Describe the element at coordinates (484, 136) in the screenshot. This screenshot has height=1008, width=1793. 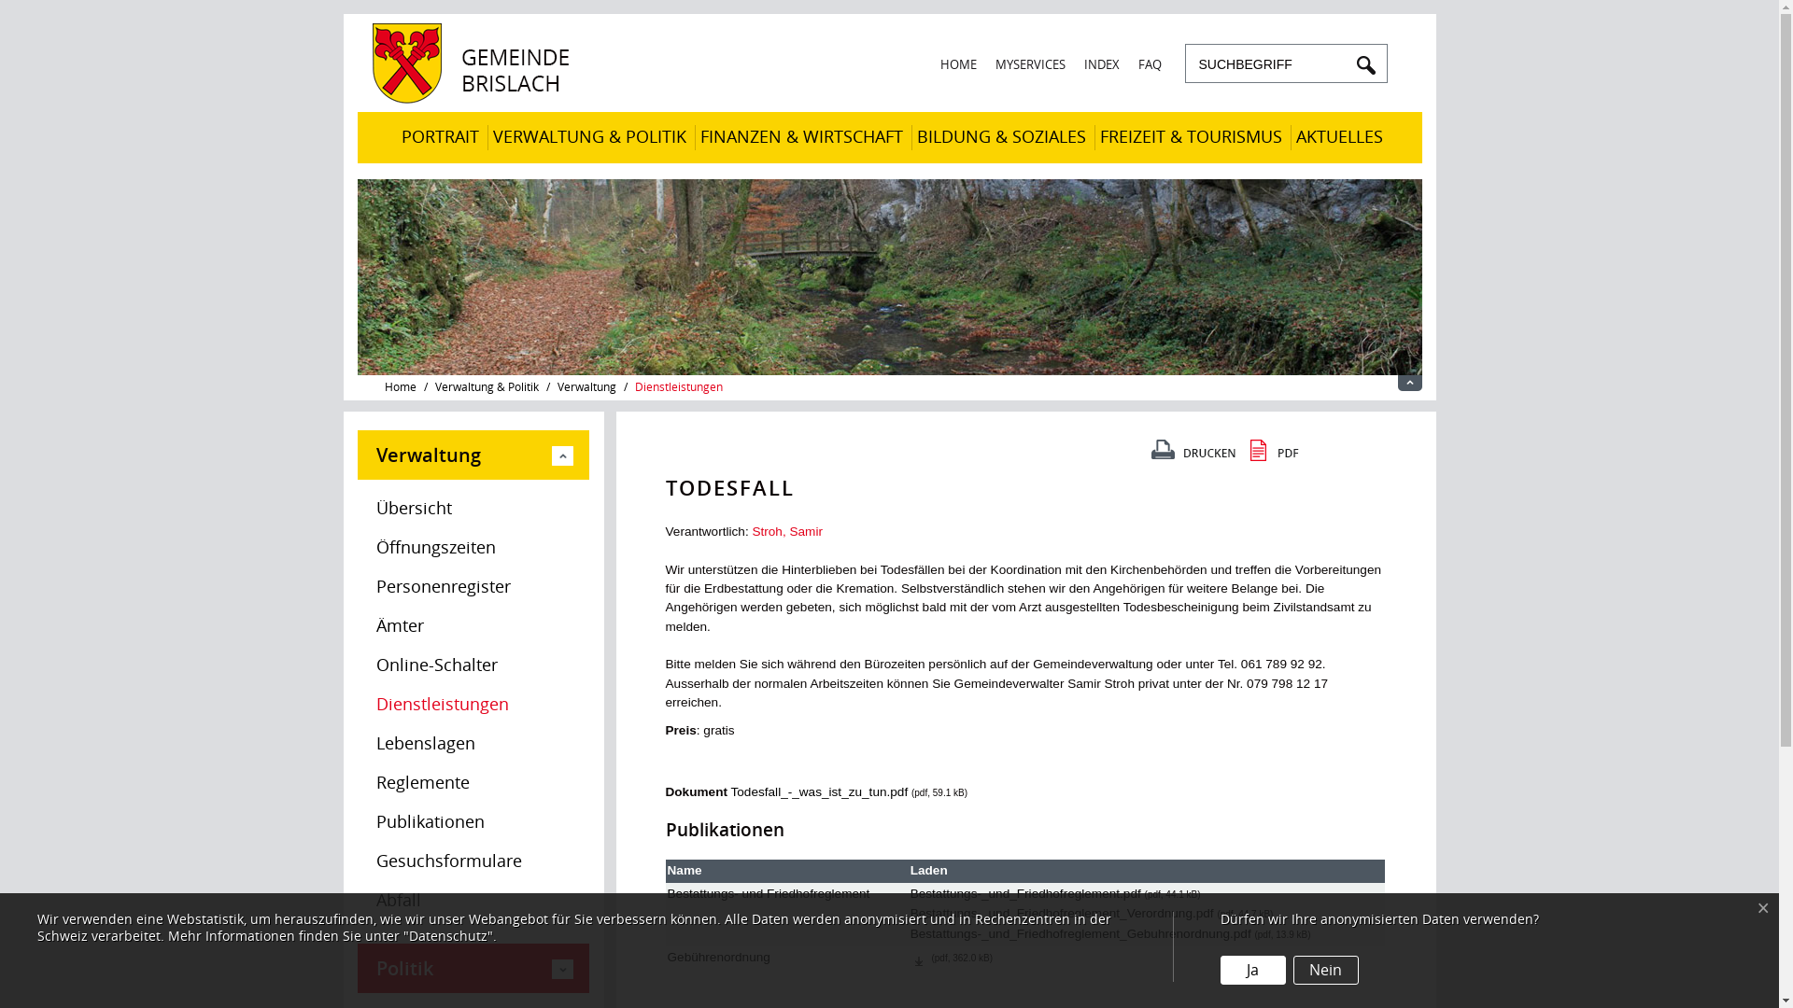
I see `'VERWALTUNG & POLITIK'` at that location.